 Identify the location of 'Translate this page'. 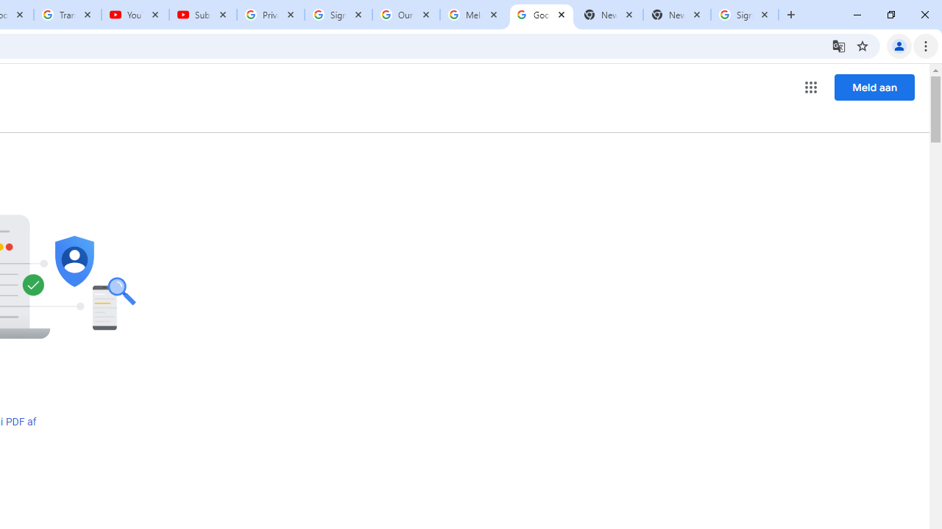
(838, 45).